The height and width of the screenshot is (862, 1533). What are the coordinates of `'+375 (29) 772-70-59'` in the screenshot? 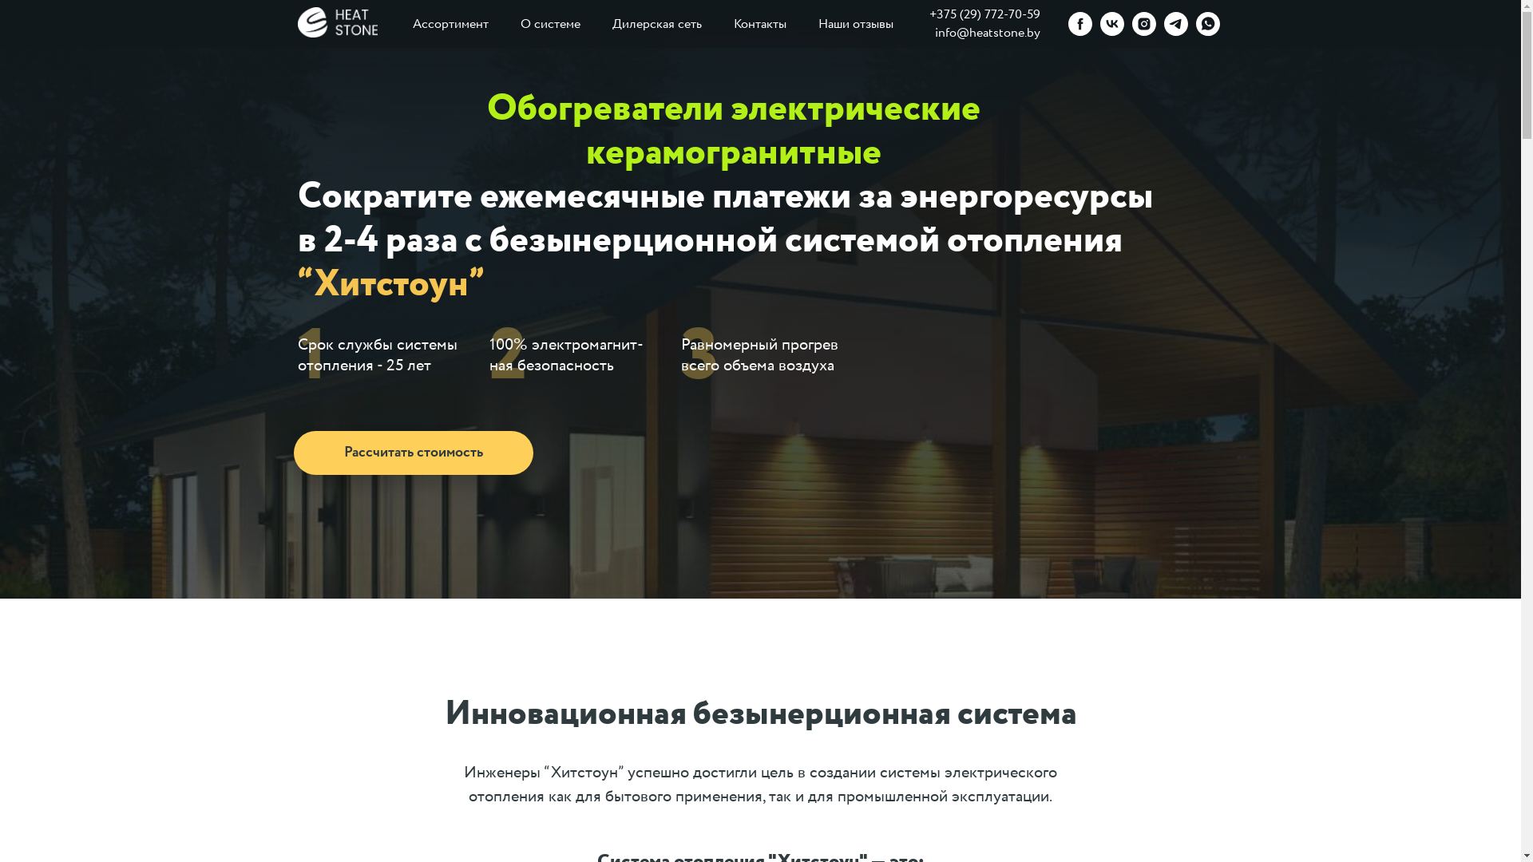 It's located at (984, 14).